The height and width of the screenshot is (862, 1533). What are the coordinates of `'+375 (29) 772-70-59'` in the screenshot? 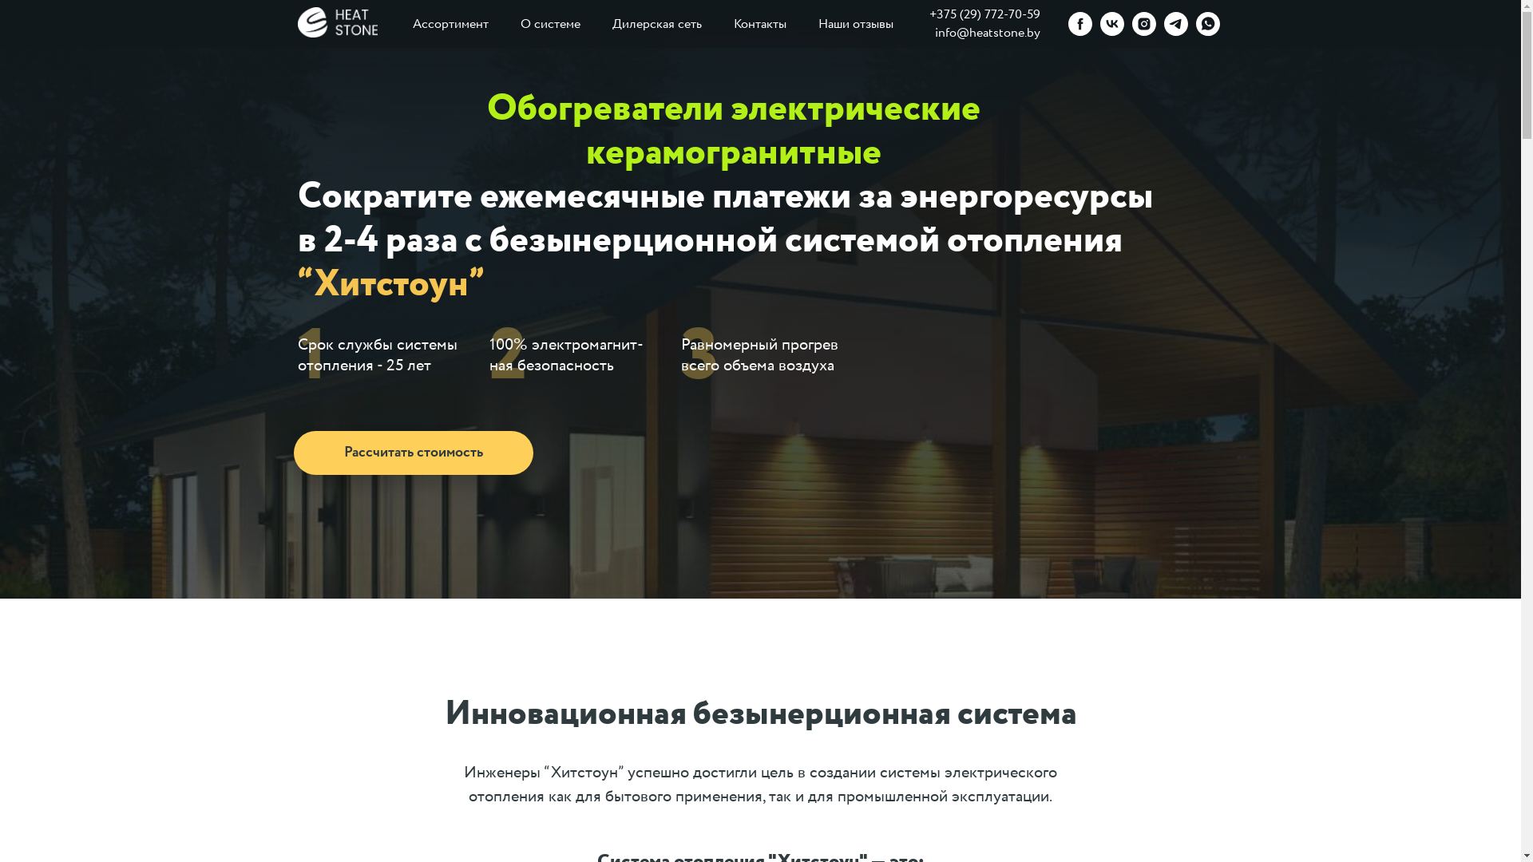 It's located at (984, 14).